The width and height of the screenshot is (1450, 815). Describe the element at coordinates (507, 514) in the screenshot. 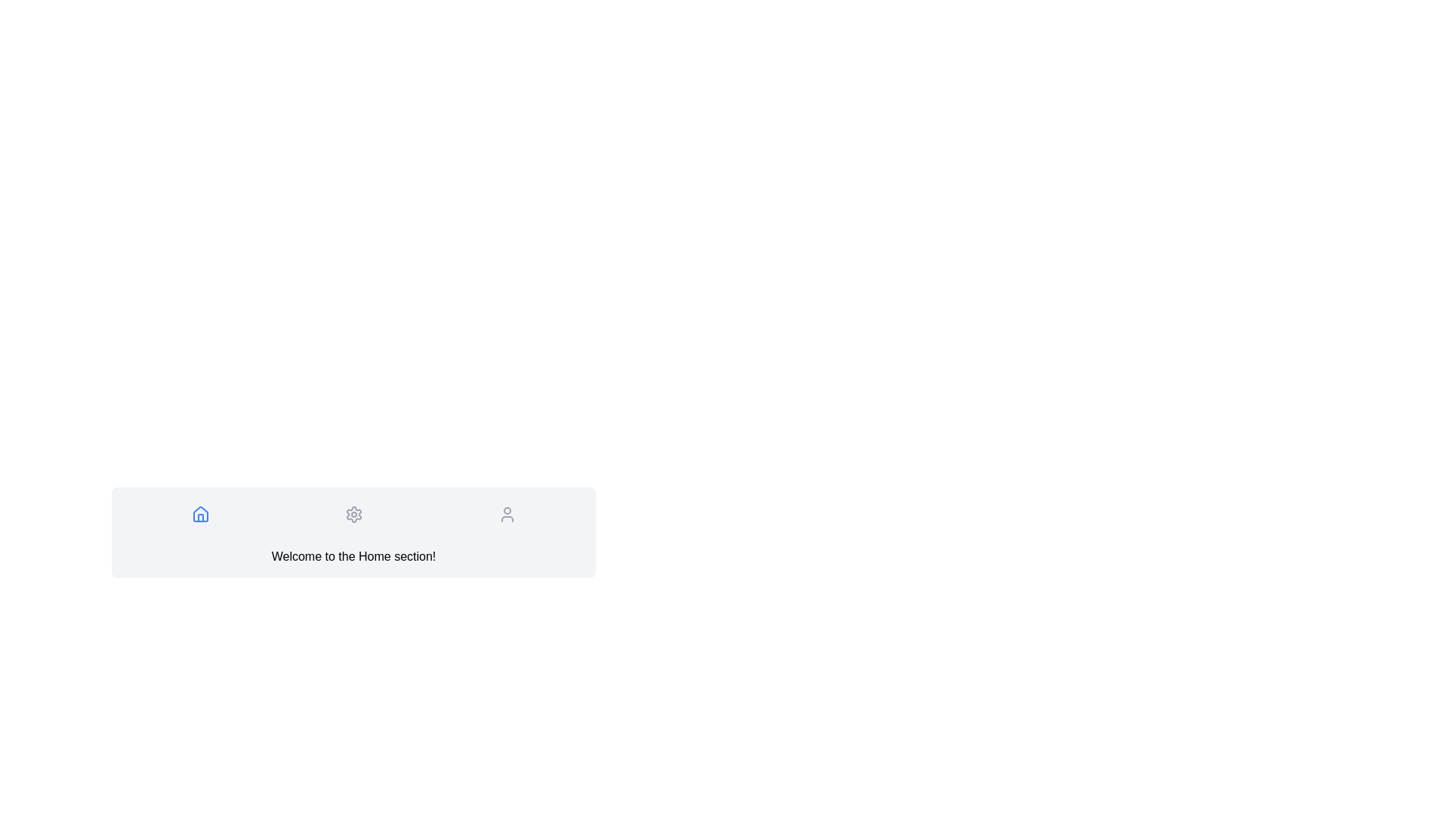

I see `the user profile icon, which is a monochromatic gray vector graphic resembling a person, located as the third icon from the left in the rightmost group of the horizontal navigation bar` at that location.